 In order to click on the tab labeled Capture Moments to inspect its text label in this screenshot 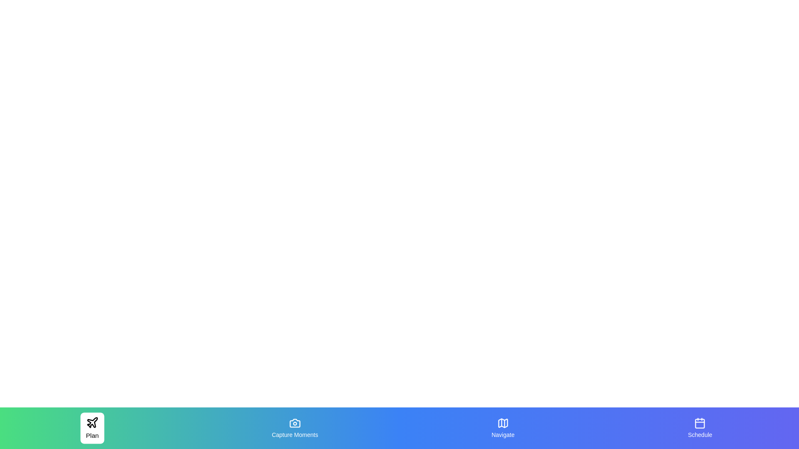, I will do `click(295, 428)`.